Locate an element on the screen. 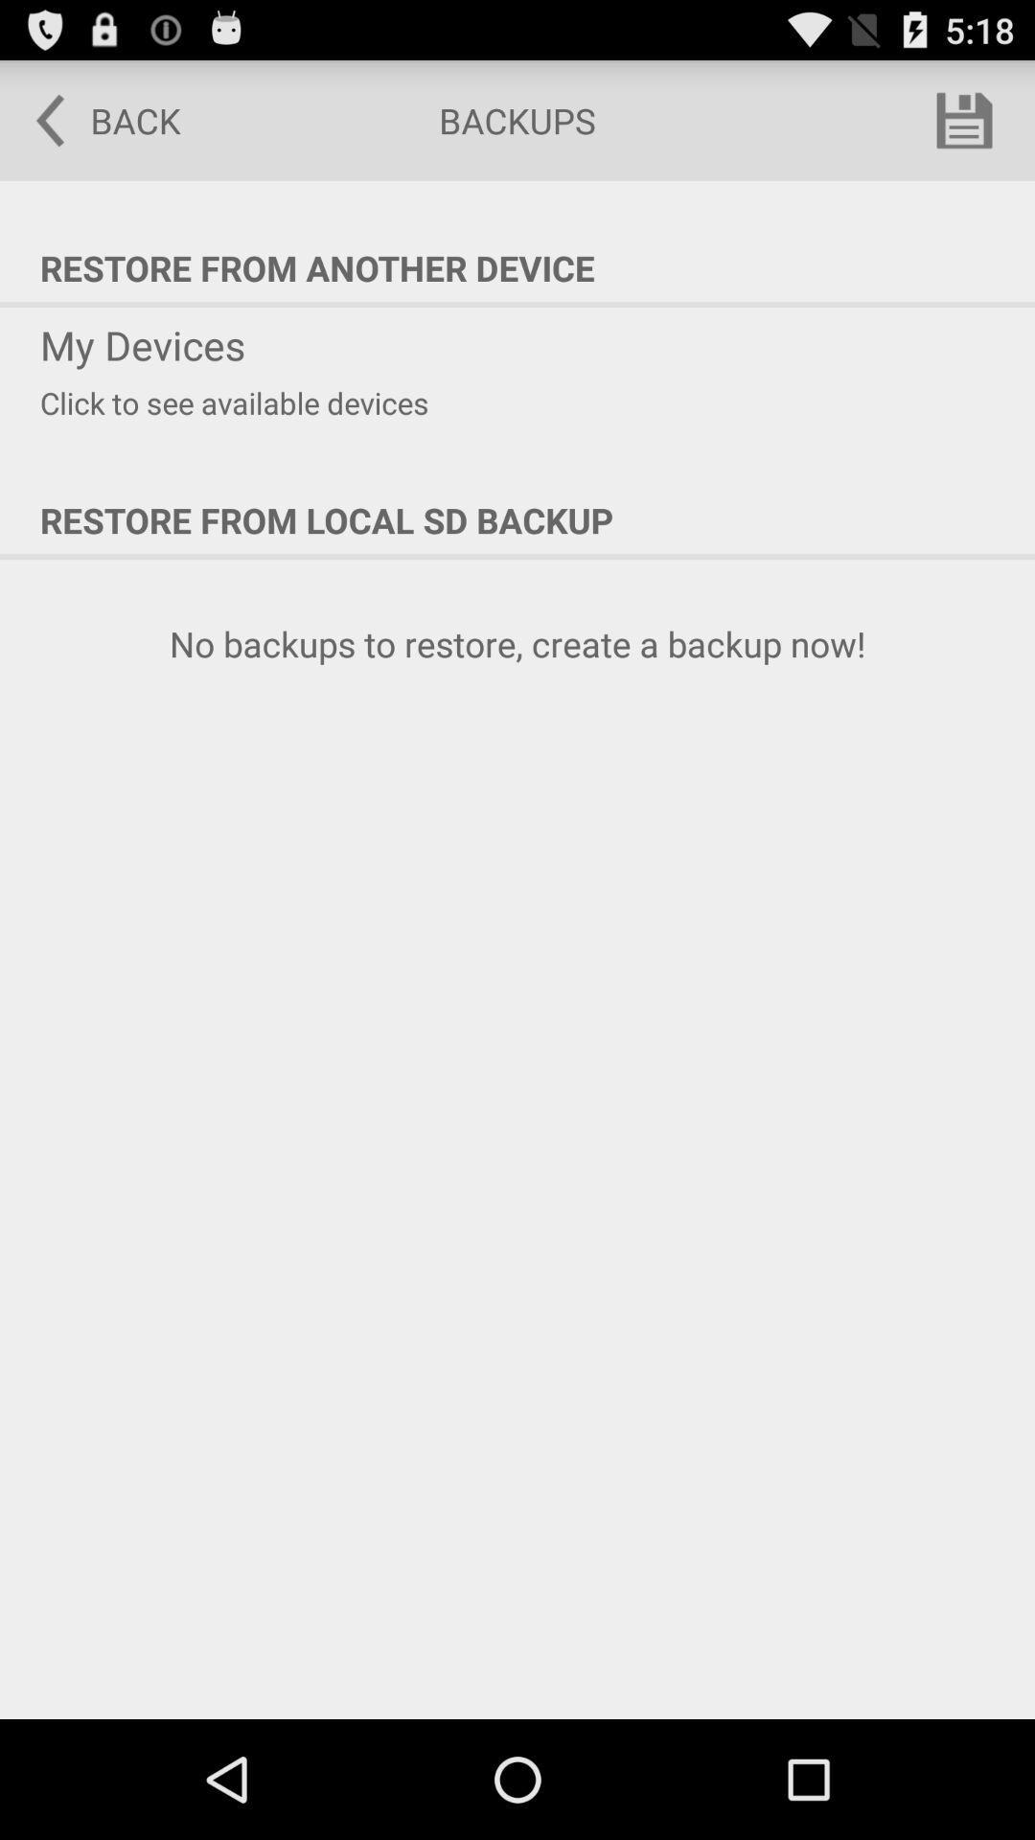  the icon above the restore from another icon is located at coordinates (95, 119).